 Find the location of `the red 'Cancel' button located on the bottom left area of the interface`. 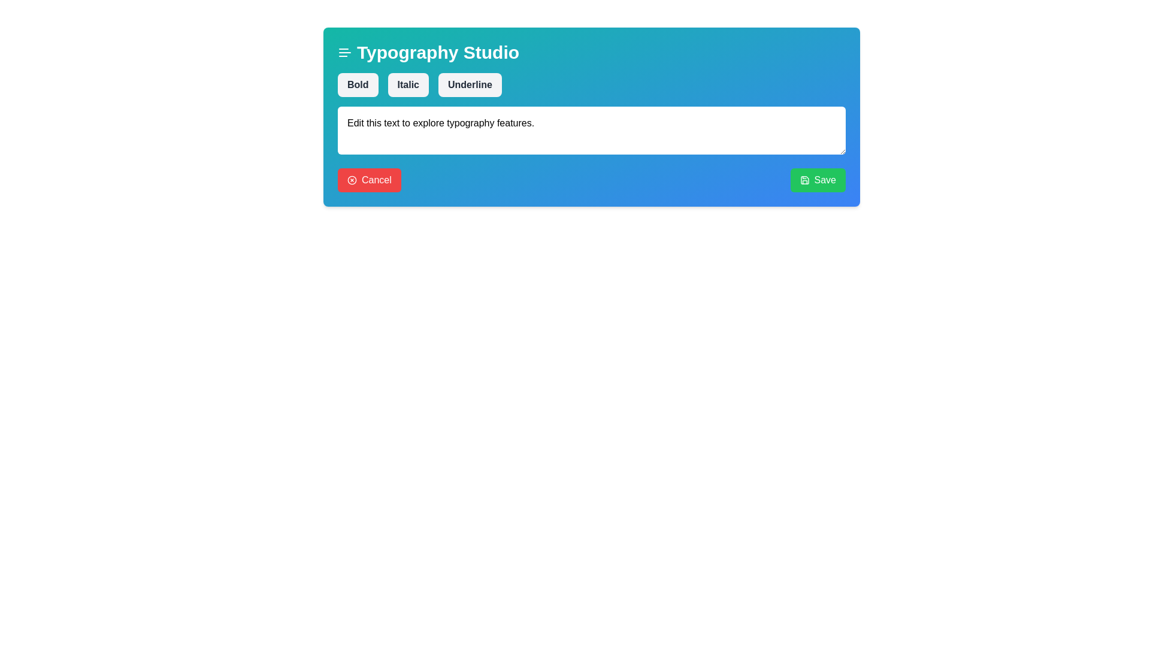

the red 'Cancel' button located on the bottom left area of the interface is located at coordinates (368, 180).